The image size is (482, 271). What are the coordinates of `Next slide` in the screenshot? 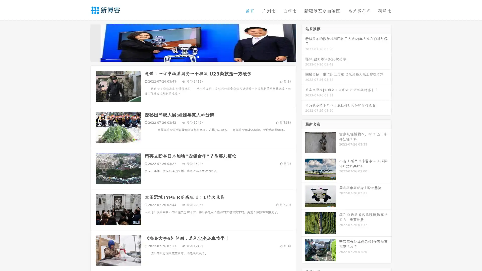 It's located at (303, 42).